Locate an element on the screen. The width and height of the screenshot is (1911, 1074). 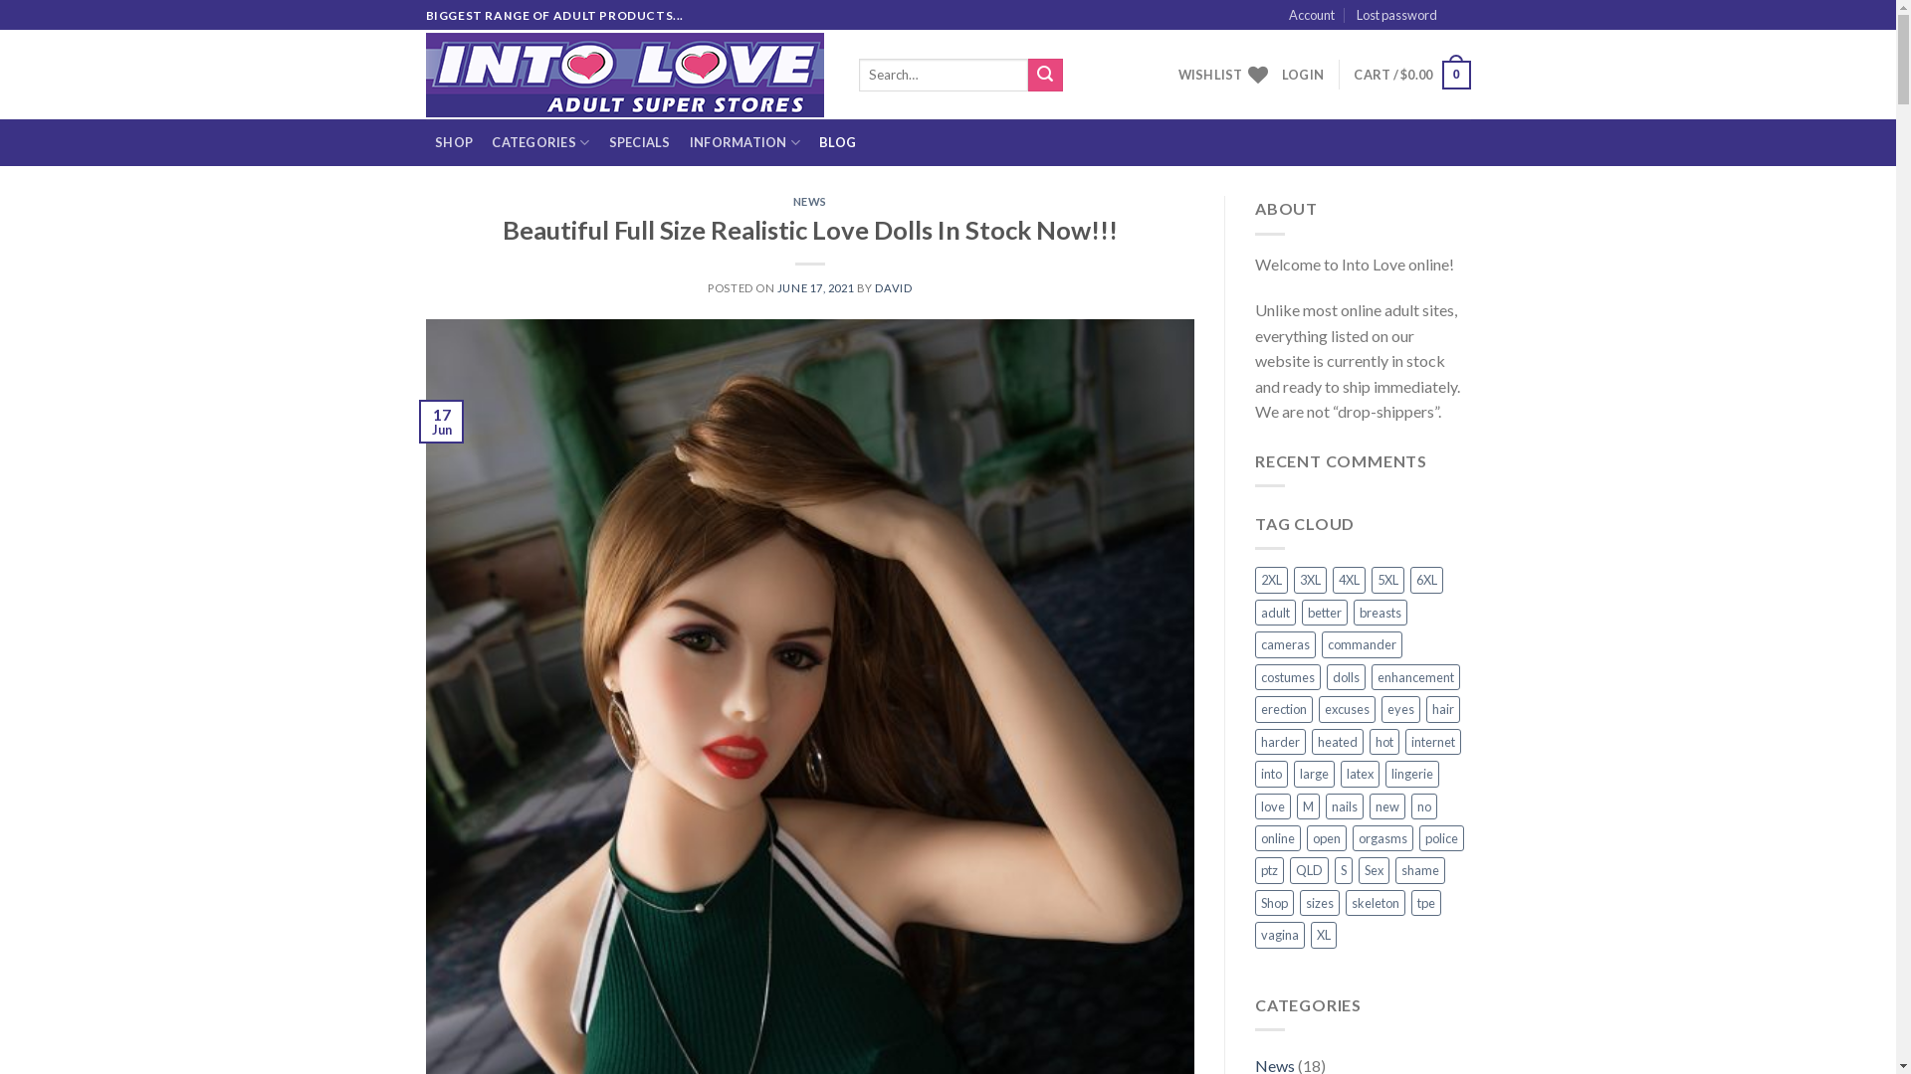
'nails' is located at coordinates (1325, 805).